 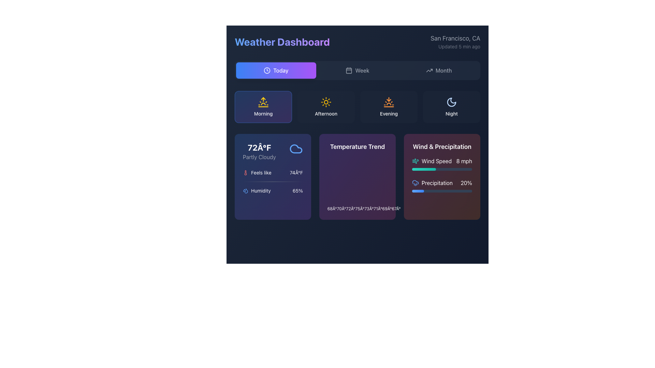 I want to click on the calendar icon associated with the 'Week' button in the navigation bar to interact with it, so click(x=349, y=71).